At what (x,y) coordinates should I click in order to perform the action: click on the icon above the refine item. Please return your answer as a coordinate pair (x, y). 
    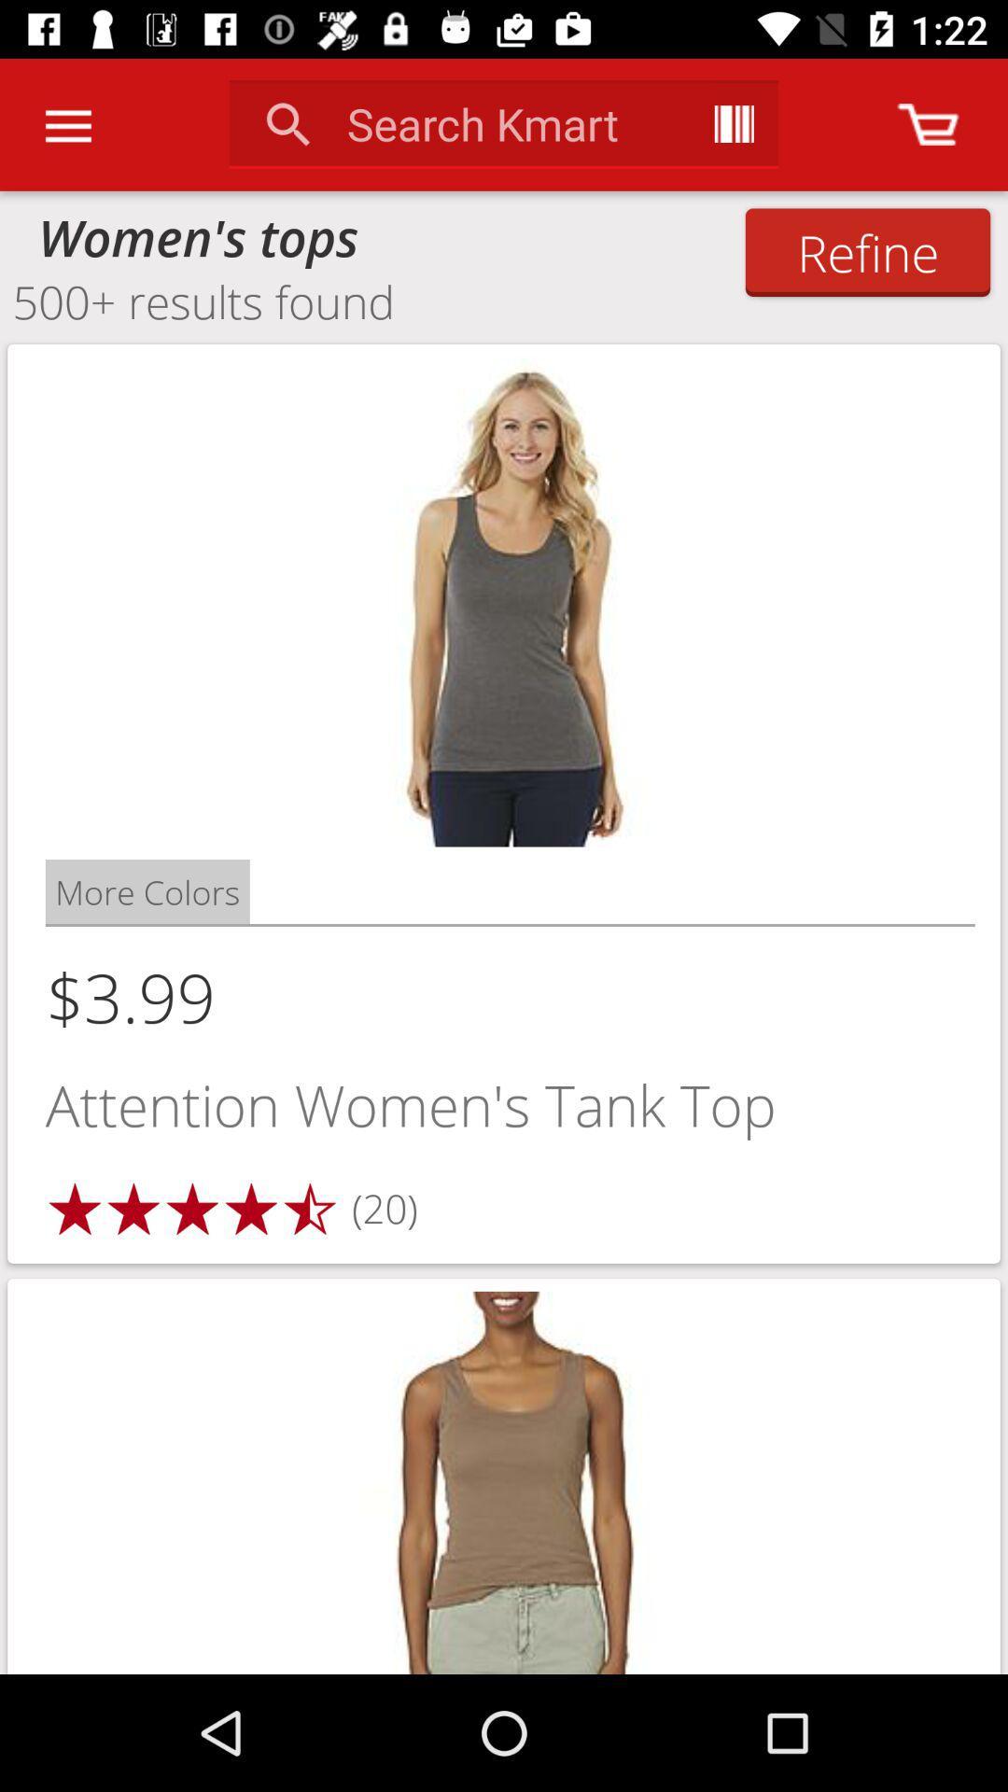
    Looking at the image, I should click on (928, 123).